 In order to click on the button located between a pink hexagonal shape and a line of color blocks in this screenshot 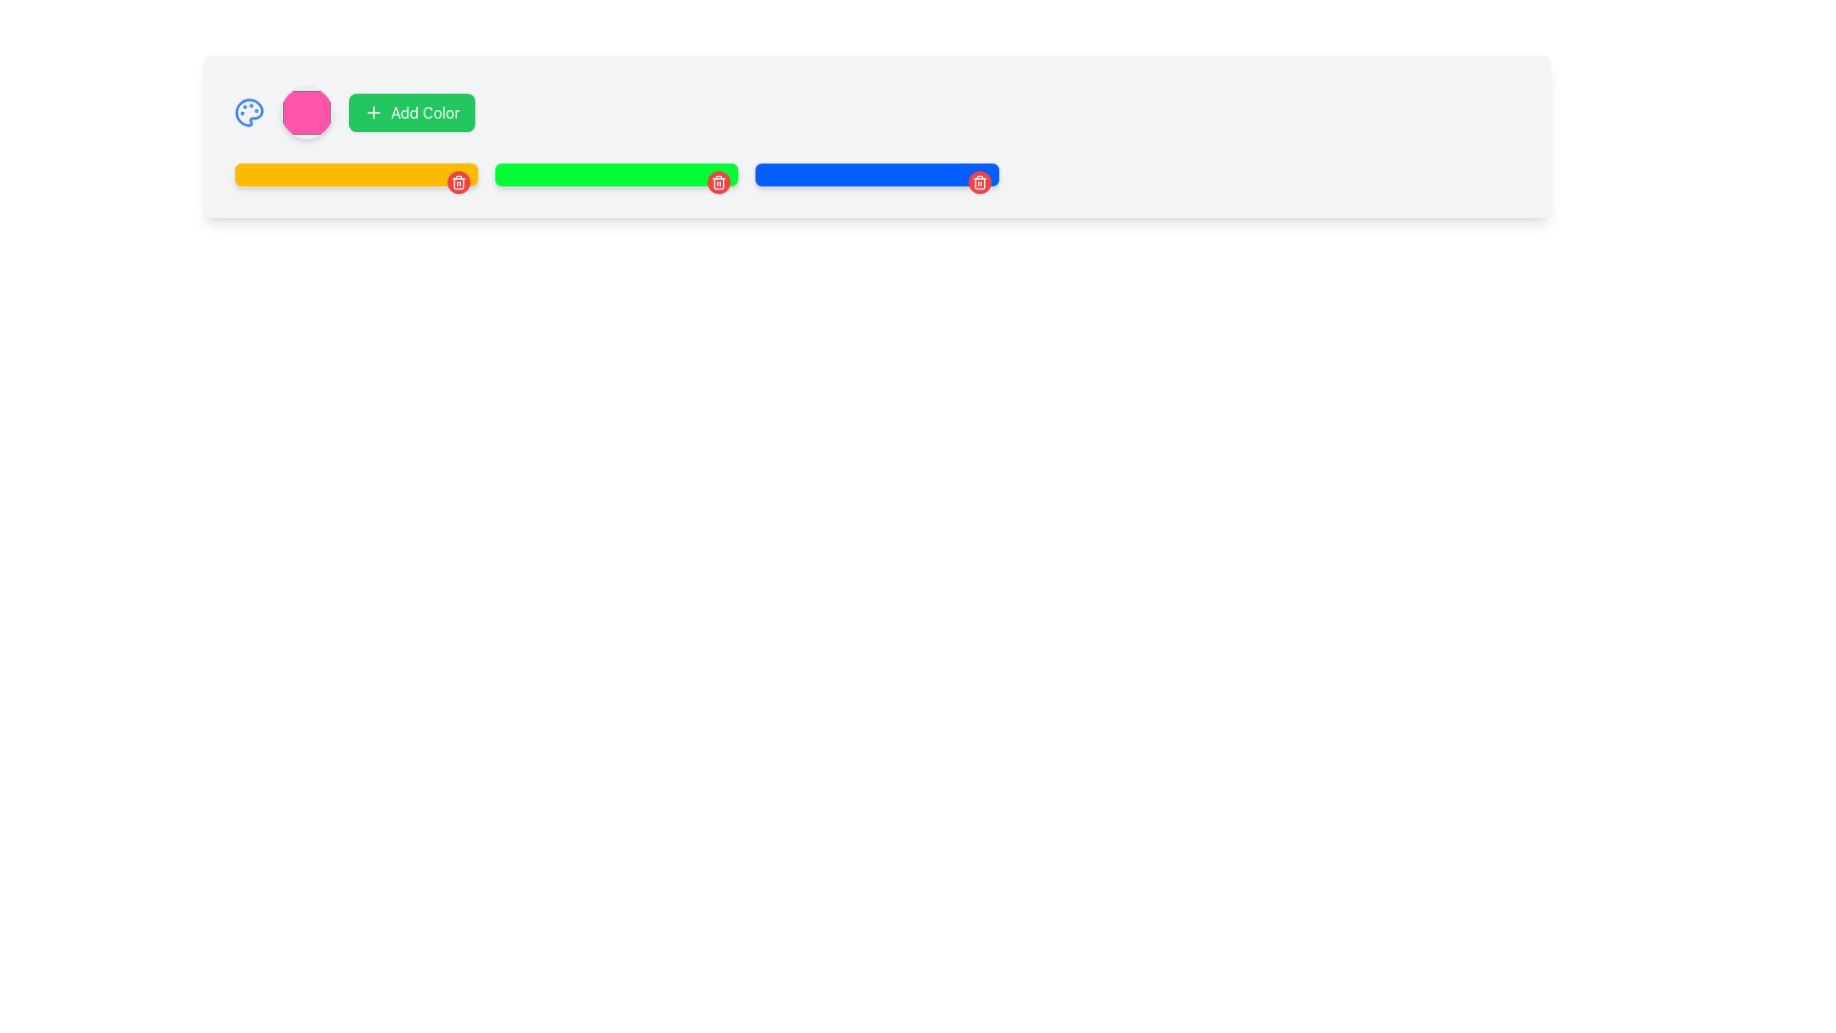, I will do `click(411, 113)`.